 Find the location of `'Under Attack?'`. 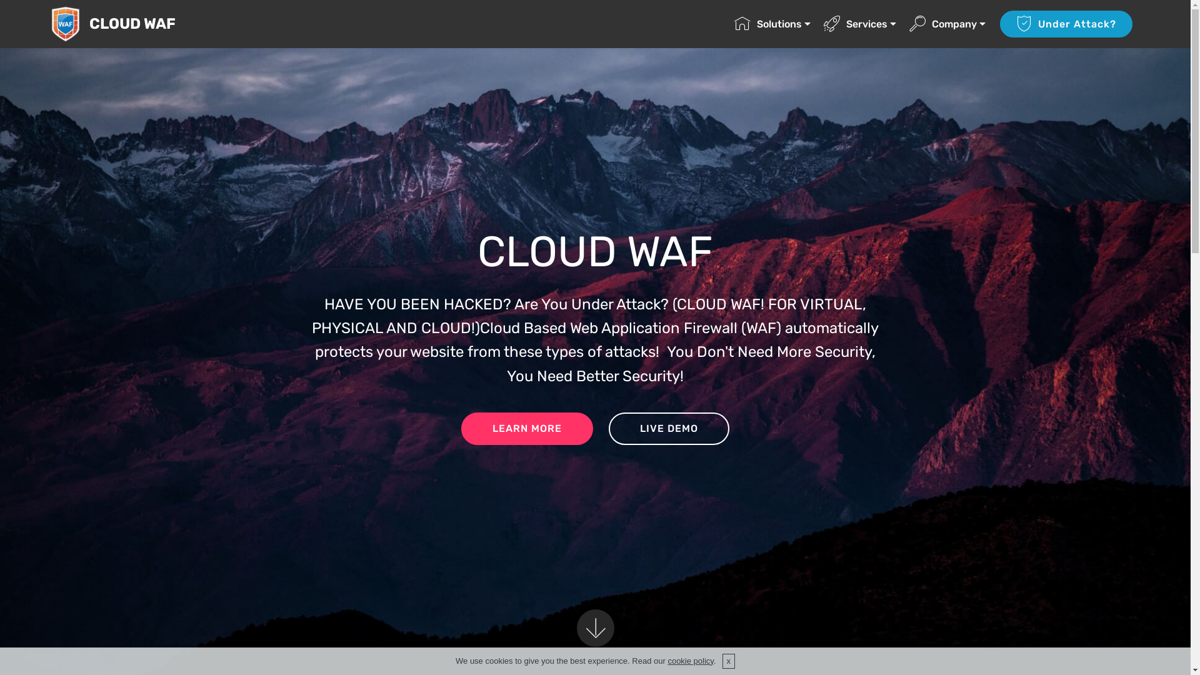

'Under Attack?' is located at coordinates (999, 24).